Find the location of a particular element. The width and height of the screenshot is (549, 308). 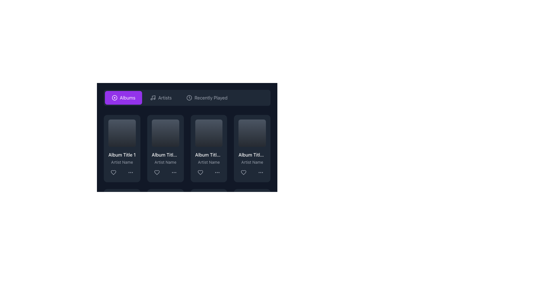

the navigation button located to the right of the 'Albums' button and to the left of the 'Recently Played' button is located at coordinates (160, 98).